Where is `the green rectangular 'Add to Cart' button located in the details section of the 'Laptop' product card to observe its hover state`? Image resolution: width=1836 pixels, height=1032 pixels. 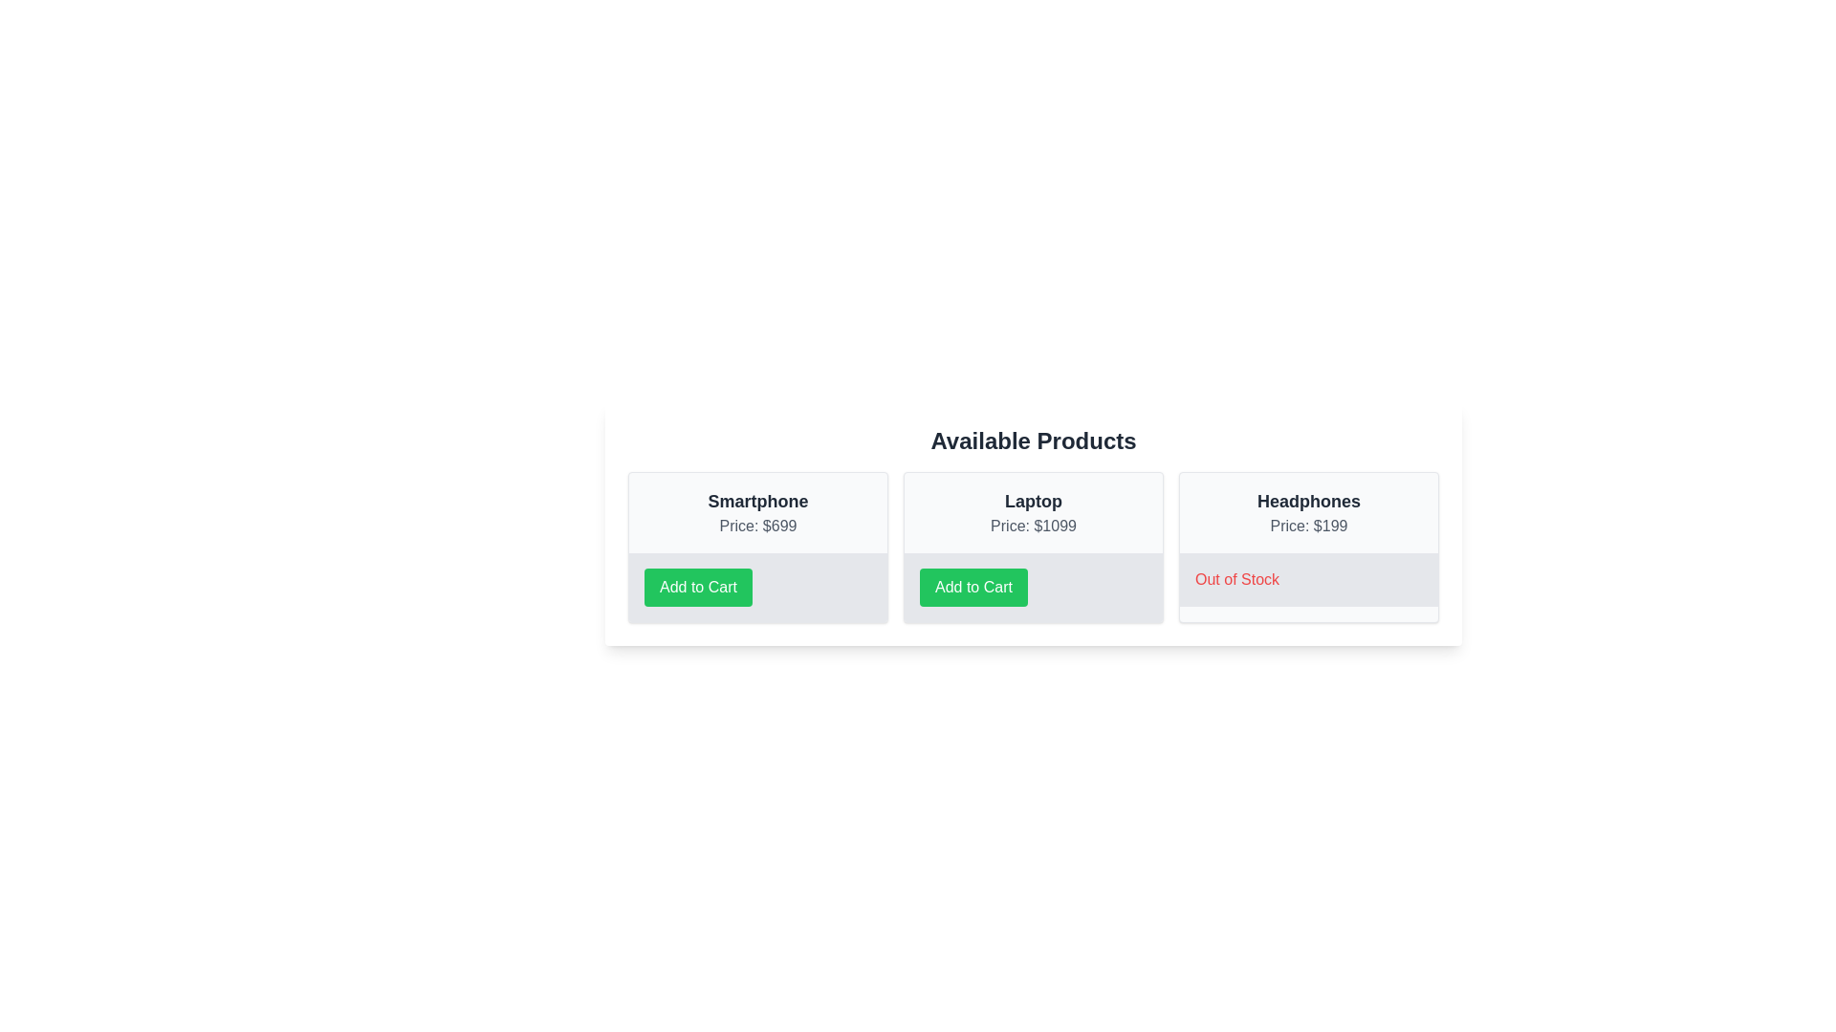 the green rectangular 'Add to Cart' button located in the details section of the 'Laptop' product card to observe its hover state is located at coordinates (1032, 586).